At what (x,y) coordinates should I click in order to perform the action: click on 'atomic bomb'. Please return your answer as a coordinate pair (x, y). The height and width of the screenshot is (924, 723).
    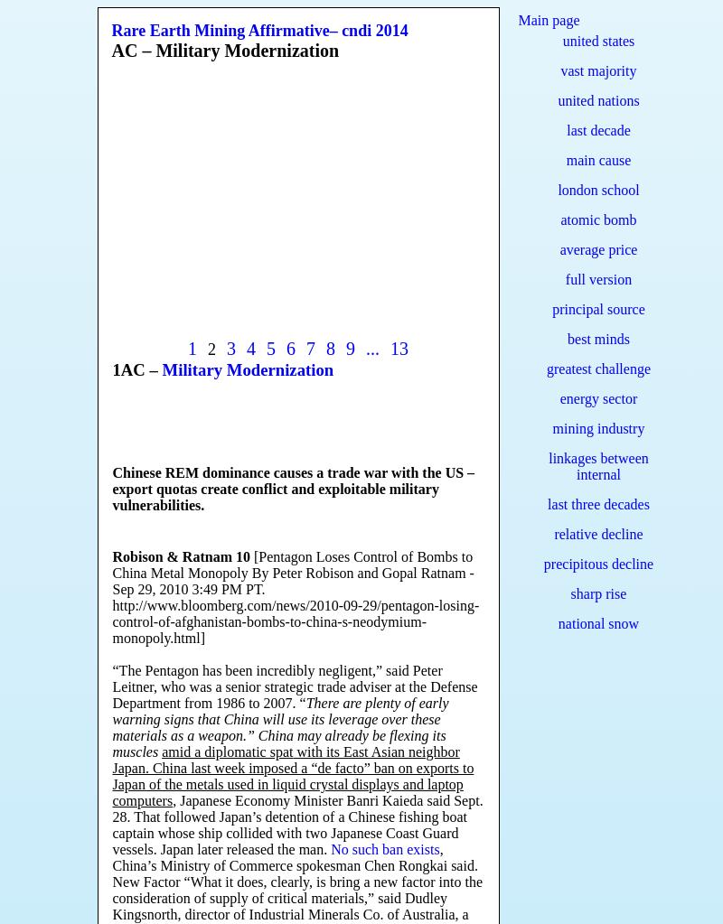
    Looking at the image, I should click on (560, 219).